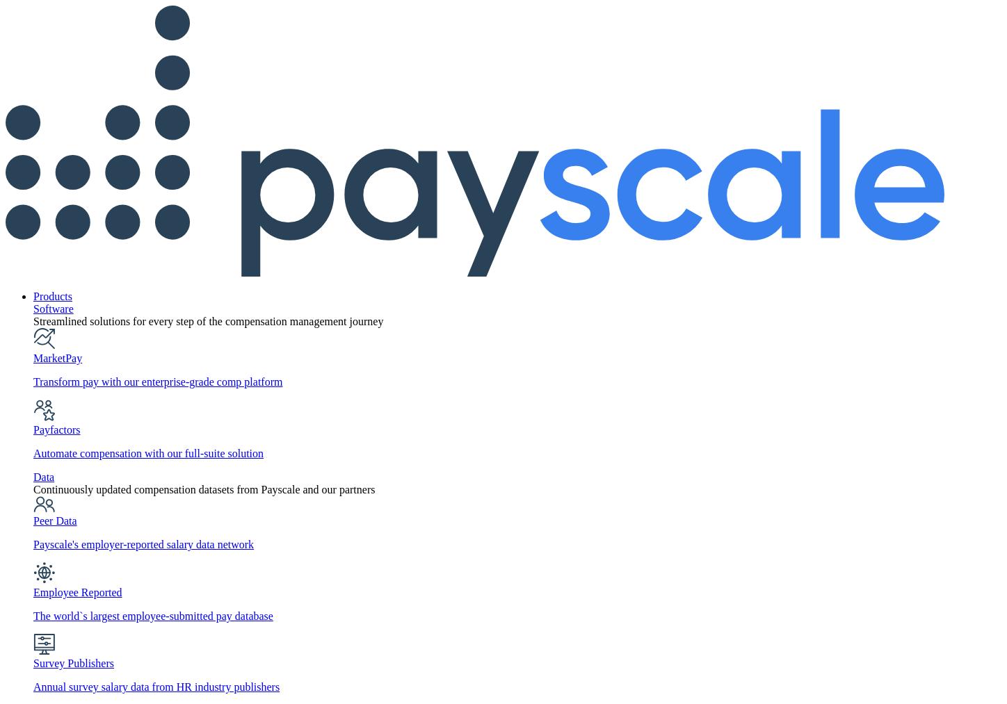 The width and height of the screenshot is (1007, 704). I want to click on 'Payscale's employer-reported salary data network', so click(33, 544).